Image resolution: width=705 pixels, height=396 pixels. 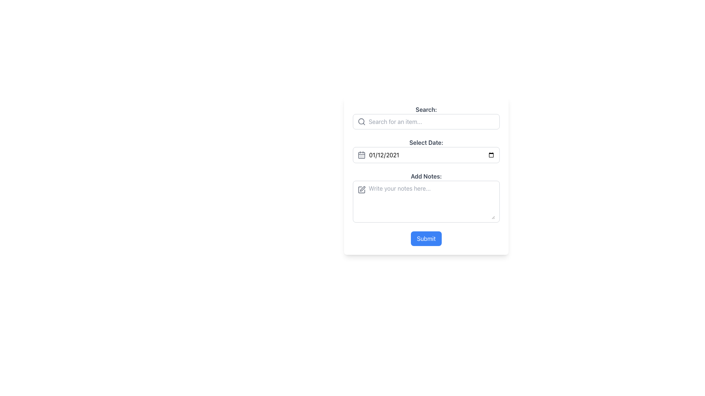 I want to click on the gray calendar icon with a minimalist line design located within the 'Select Date' field, so click(x=361, y=155).